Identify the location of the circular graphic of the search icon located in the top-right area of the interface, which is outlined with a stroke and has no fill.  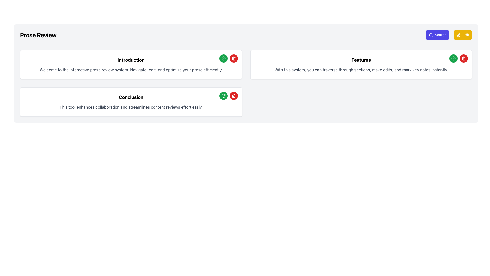
(430, 34).